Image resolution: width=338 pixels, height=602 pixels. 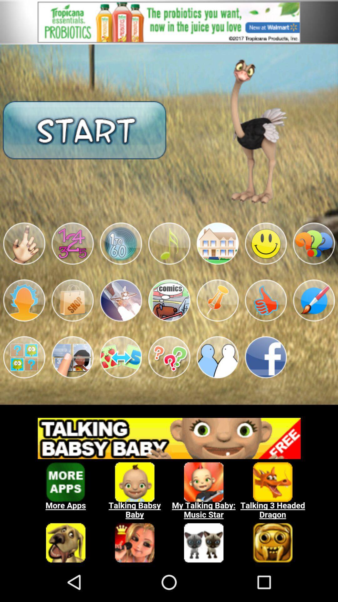 What do you see at coordinates (314, 321) in the screenshot?
I see `the edit icon` at bounding box center [314, 321].